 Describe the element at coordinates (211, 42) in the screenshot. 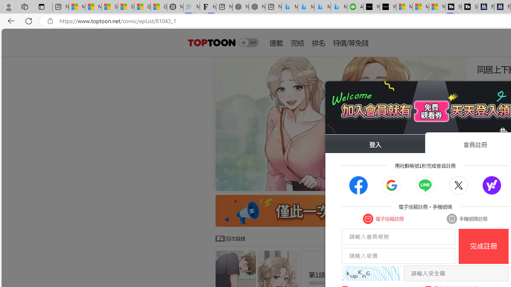

I see `'header'` at that location.